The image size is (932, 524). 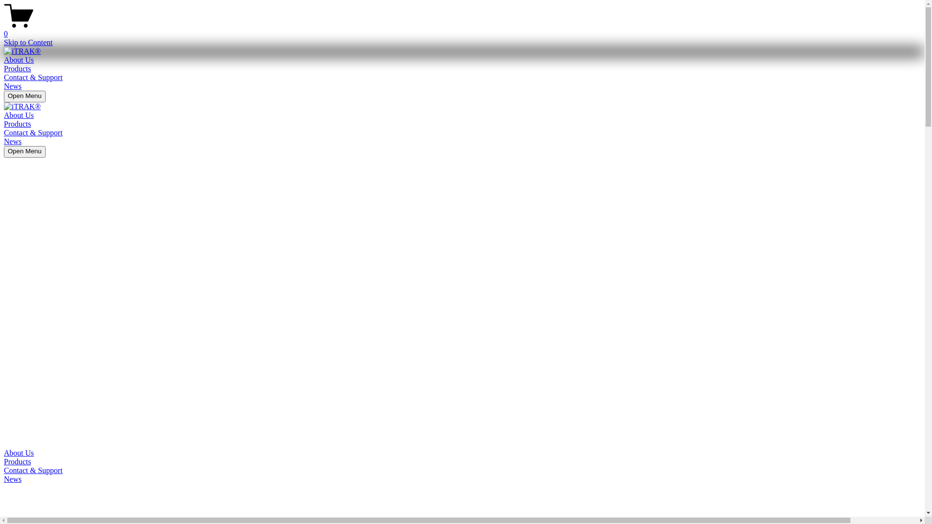 I want to click on 'Products', so click(x=17, y=68).